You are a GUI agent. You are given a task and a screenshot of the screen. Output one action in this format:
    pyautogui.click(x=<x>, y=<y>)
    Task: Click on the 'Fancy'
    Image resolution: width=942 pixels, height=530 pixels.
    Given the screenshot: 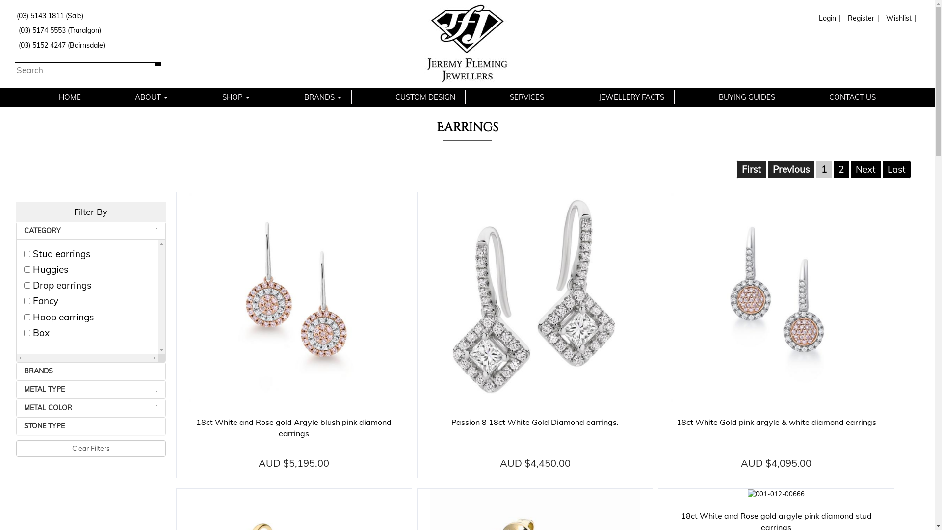 What is the action you would take?
    pyautogui.click(x=27, y=300)
    